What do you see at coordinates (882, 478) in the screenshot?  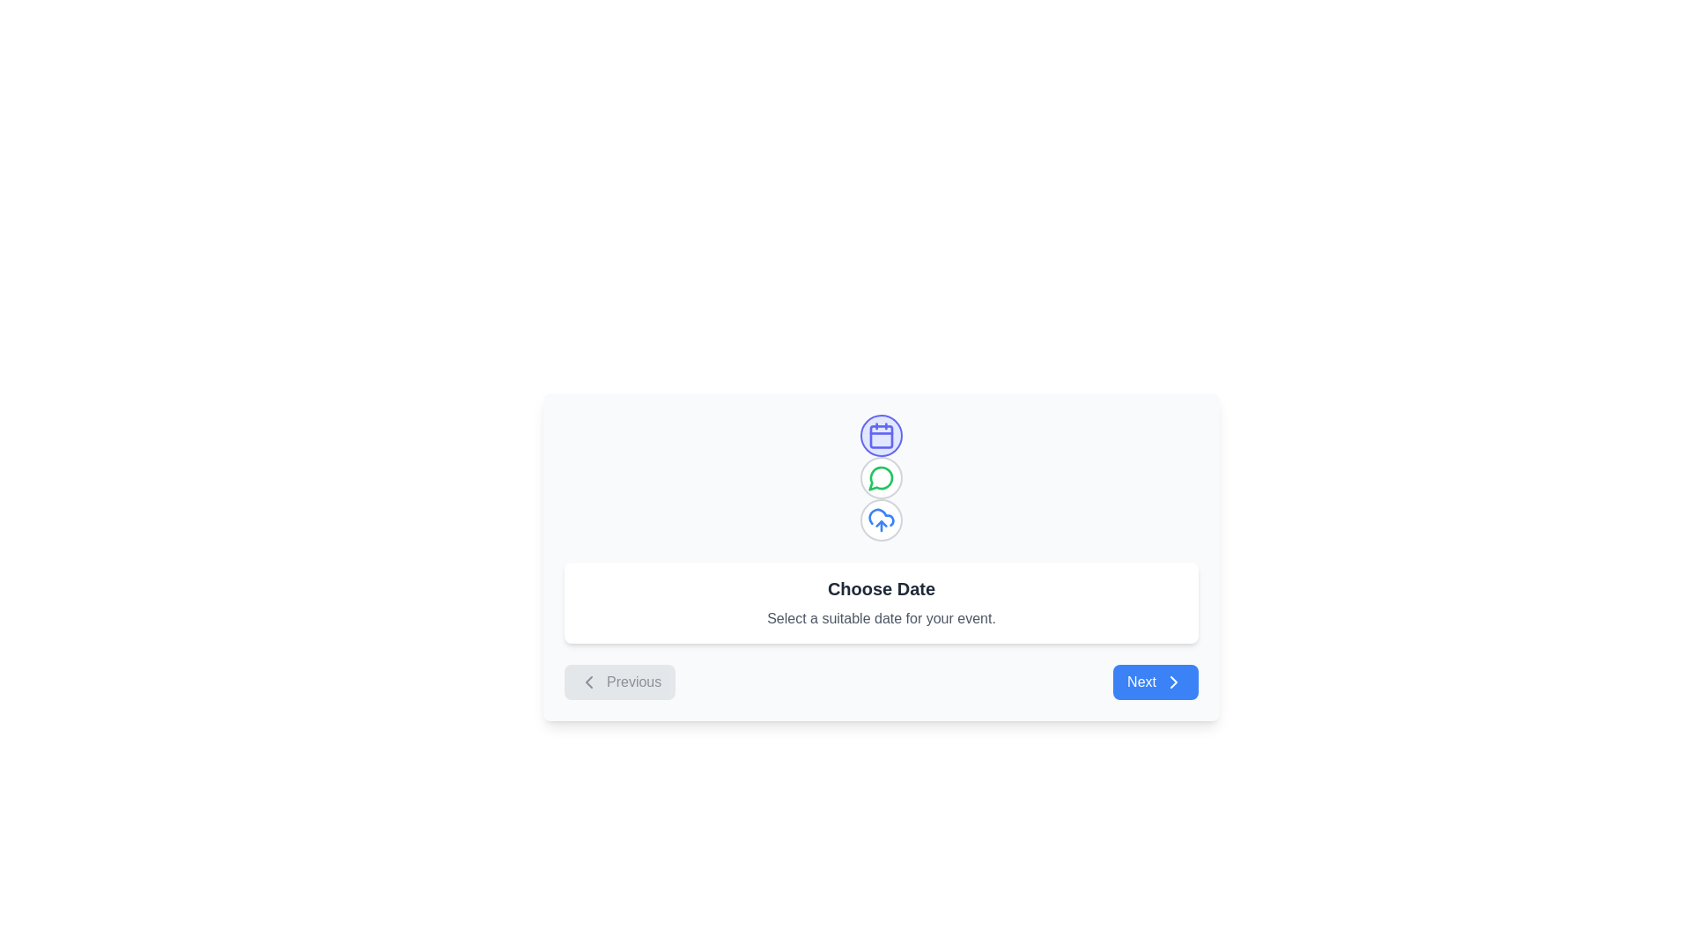 I see `any of the individual icons in the vertically arranged Icon group located above the 'Choose Date' section` at bounding box center [882, 478].